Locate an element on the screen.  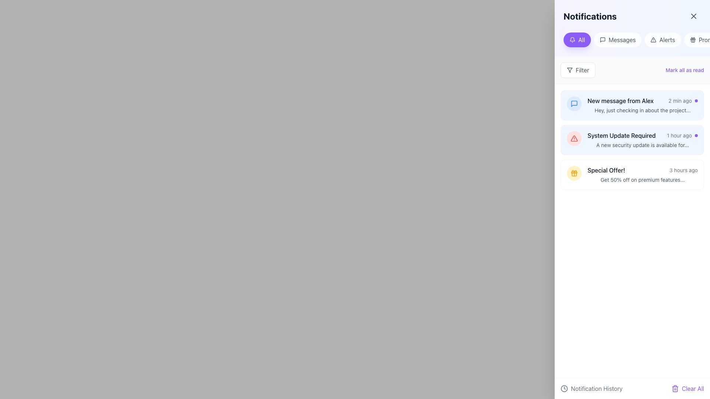
the notification labeled 'Special Offer!' with a gift box icon to quickly mark it as read is located at coordinates (642, 175).